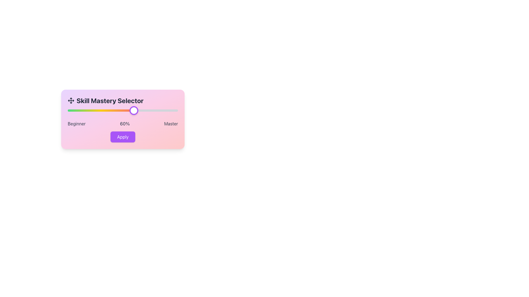  Describe the element at coordinates (126, 110) in the screenshot. I see `the slider position` at that location.